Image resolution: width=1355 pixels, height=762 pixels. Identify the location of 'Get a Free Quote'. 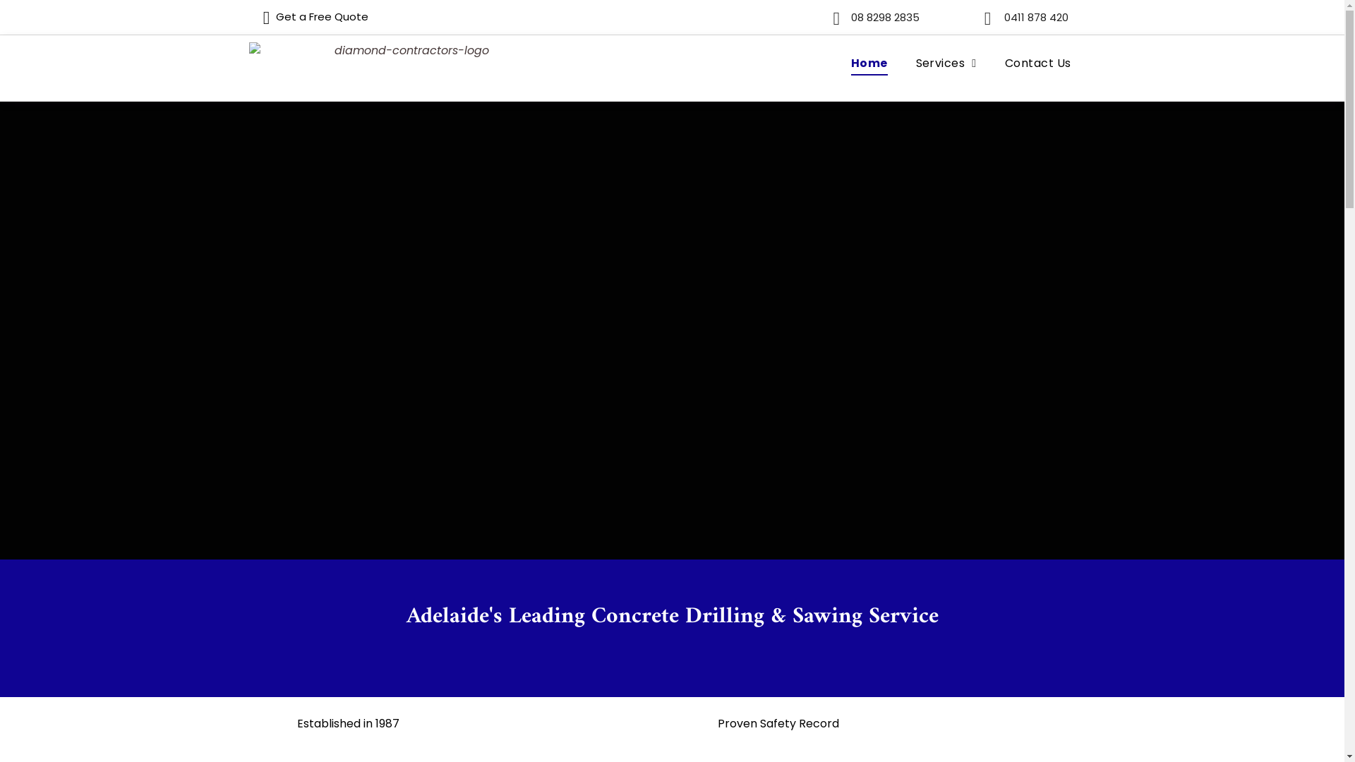
(248, 16).